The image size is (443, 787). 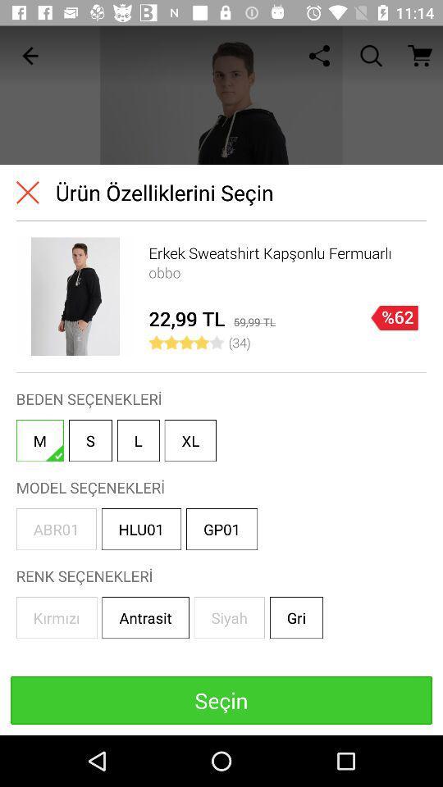 I want to click on icon to the left of the l, so click(x=90, y=439).